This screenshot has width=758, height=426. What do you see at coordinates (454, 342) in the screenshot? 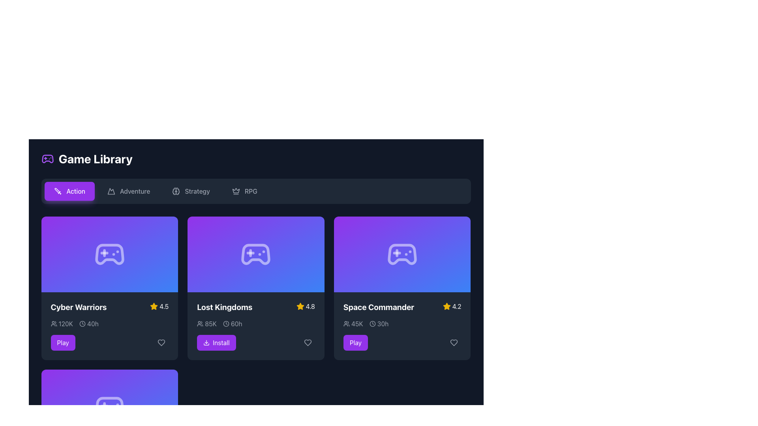
I see `the heart button located at the bottom-right corner of the 'Space Commander' game card to mark the game as a favorite` at bounding box center [454, 342].